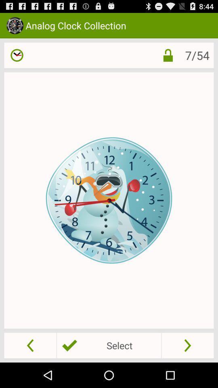 The image size is (218, 388). What do you see at coordinates (168, 55) in the screenshot?
I see `the item to the left of 7/54 icon` at bounding box center [168, 55].